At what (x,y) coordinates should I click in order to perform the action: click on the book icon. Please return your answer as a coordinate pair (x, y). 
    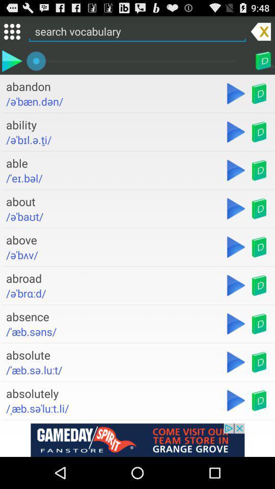
    Looking at the image, I should click on (263, 64).